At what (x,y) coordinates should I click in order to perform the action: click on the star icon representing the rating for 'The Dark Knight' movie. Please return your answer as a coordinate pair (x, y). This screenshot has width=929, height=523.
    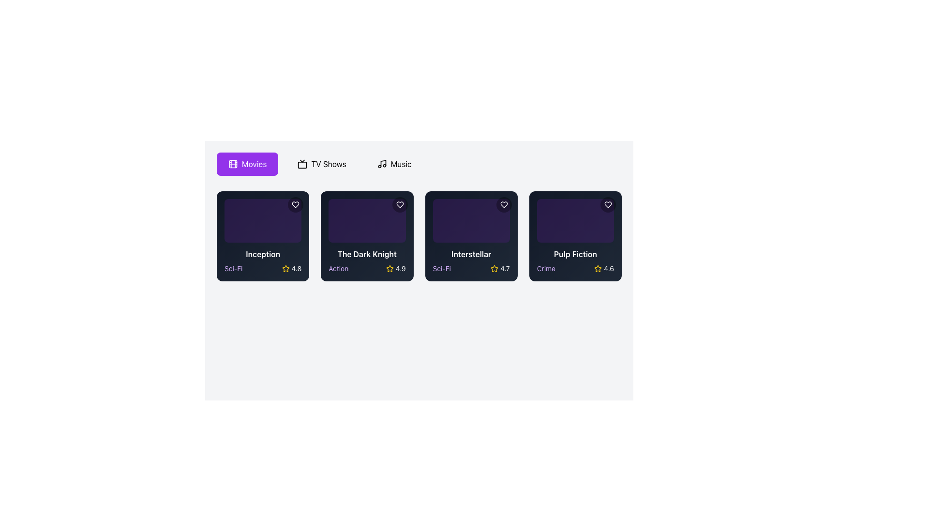
    Looking at the image, I should click on (390, 268).